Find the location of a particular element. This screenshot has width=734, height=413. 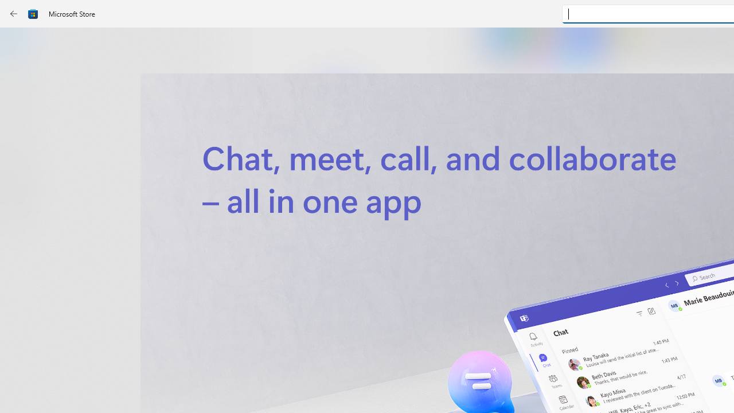

'Back' is located at coordinates (14, 14).